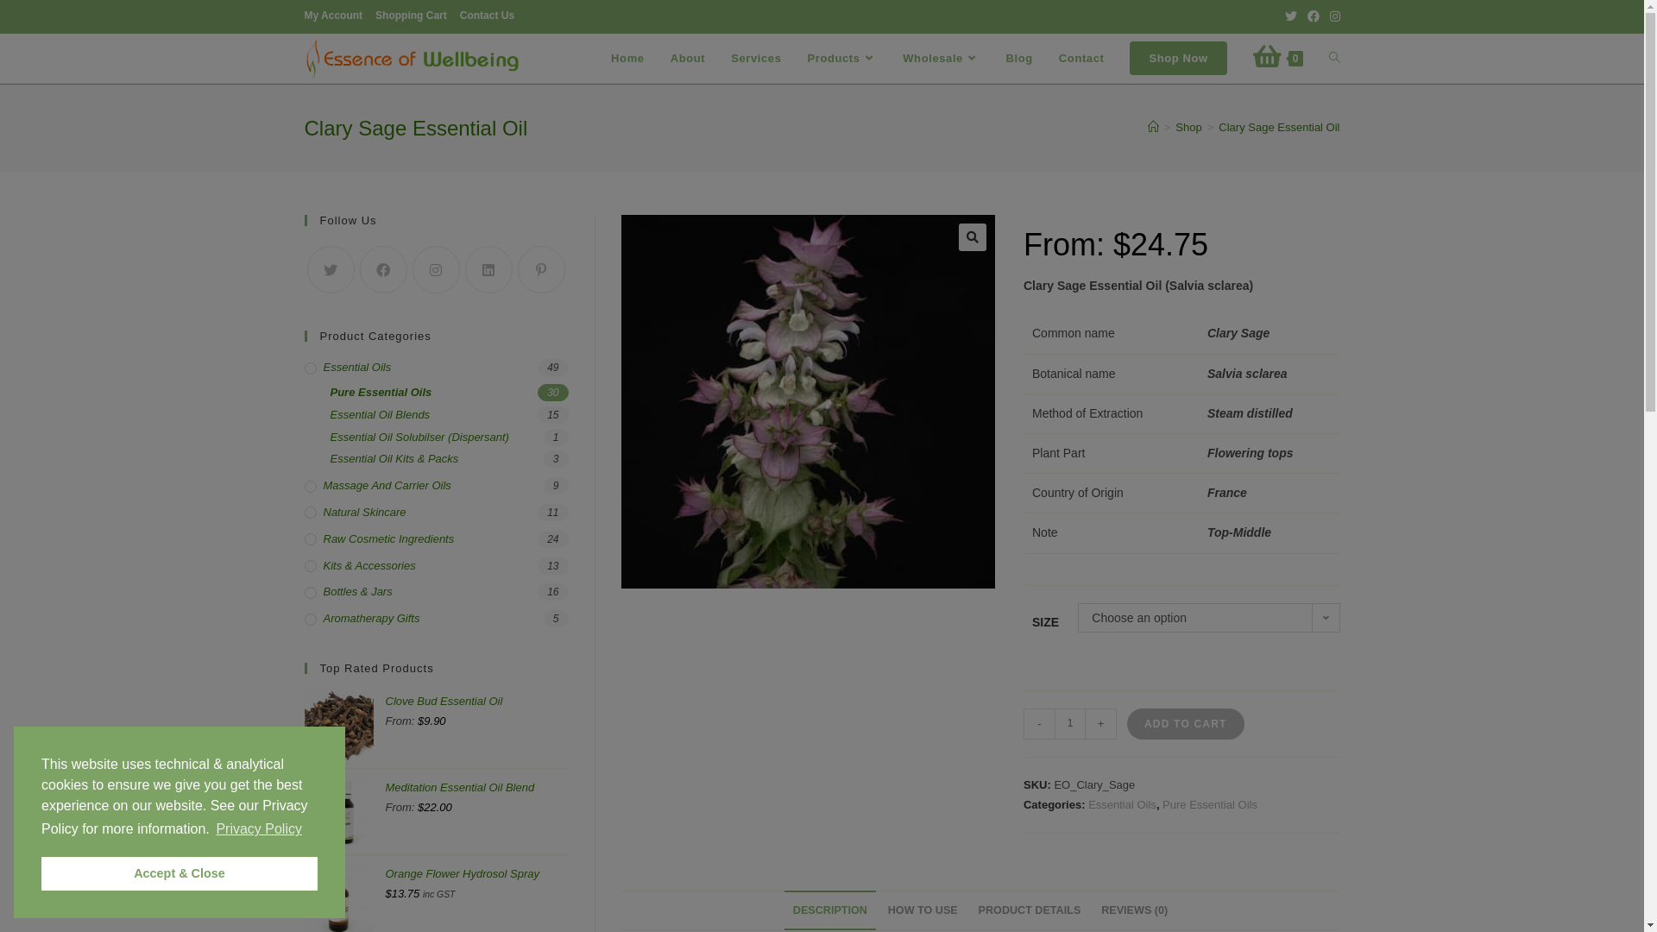 This screenshot has height=932, width=1657. I want to click on 'Shopping Cart', so click(410, 16).